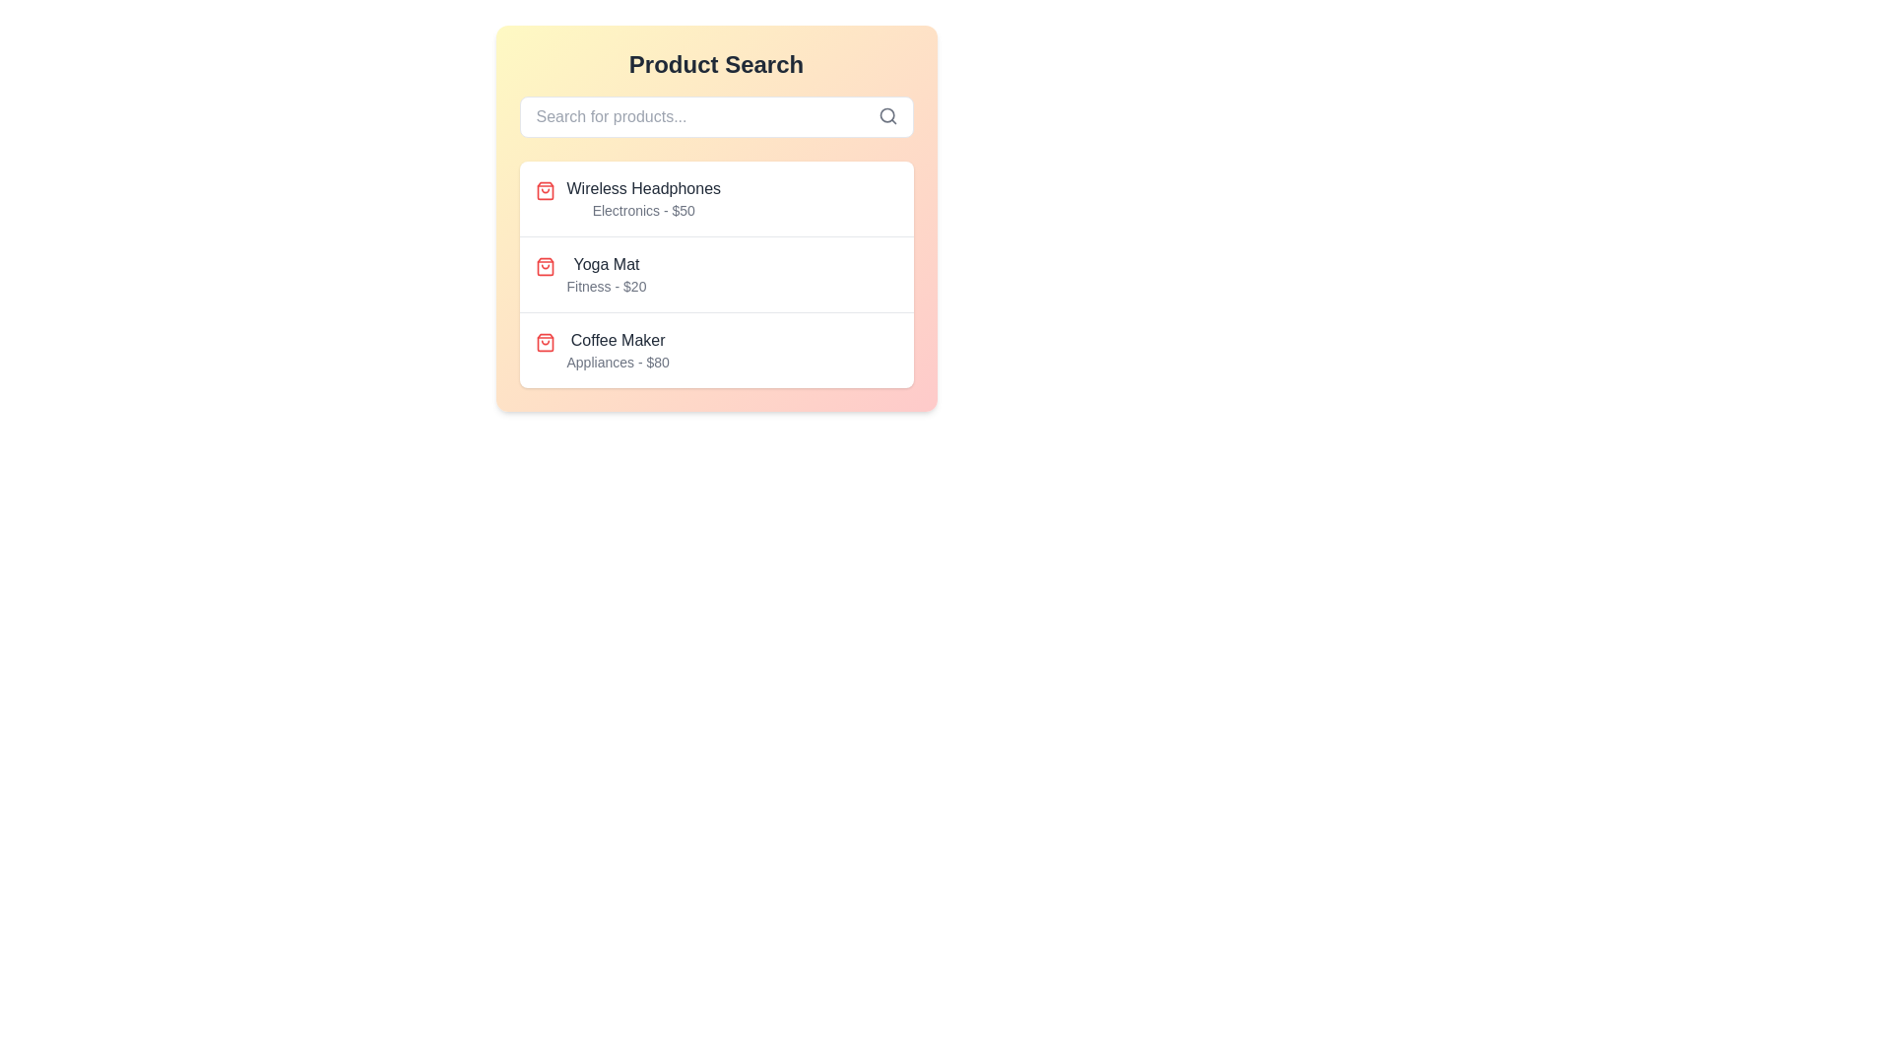  What do you see at coordinates (617, 362) in the screenshot?
I see `the Text label that provides additional information about the product 'Coffee Maker', positioned below its title within the product listing in the 'Product Search' interface` at bounding box center [617, 362].